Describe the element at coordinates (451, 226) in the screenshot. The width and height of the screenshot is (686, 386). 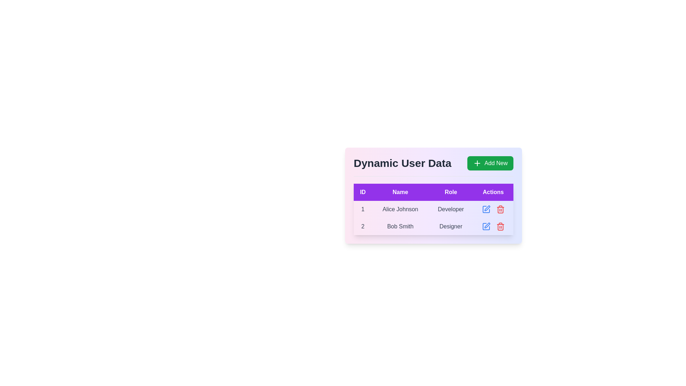
I see `the text label indicating the role of 'Bob Smith' in the second row of the table` at that location.